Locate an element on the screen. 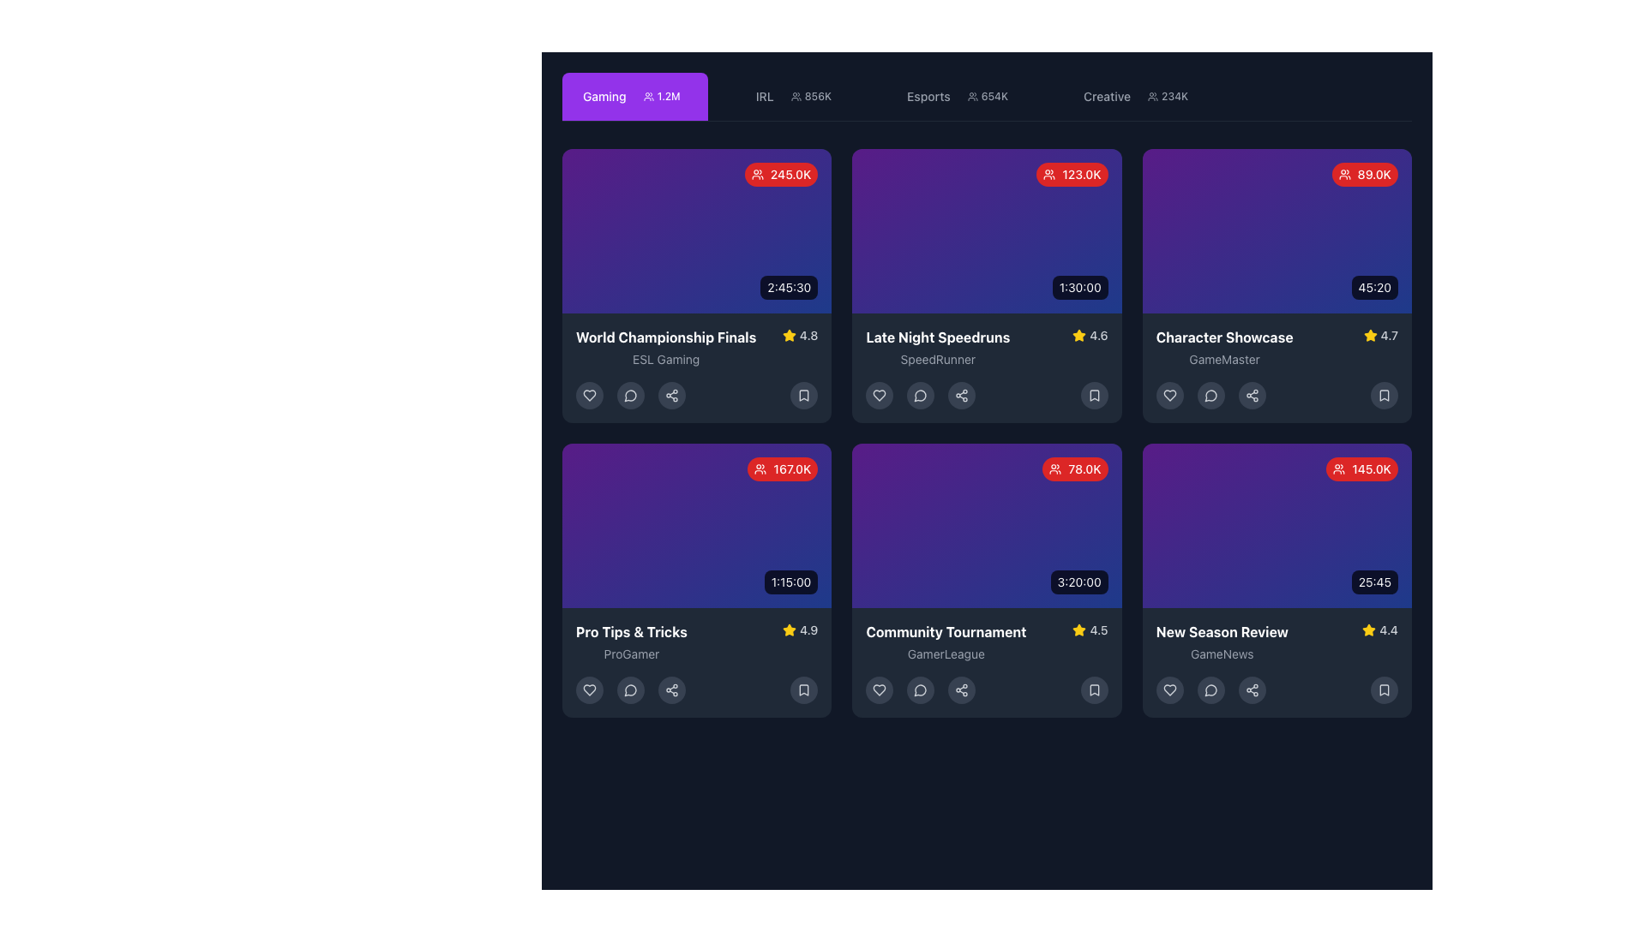  rating value from the star and text display located in the bottom row of the 'Pro Tips & Tricks' tile, positioned above the 'ProGamer' text is located at coordinates (799, 630).